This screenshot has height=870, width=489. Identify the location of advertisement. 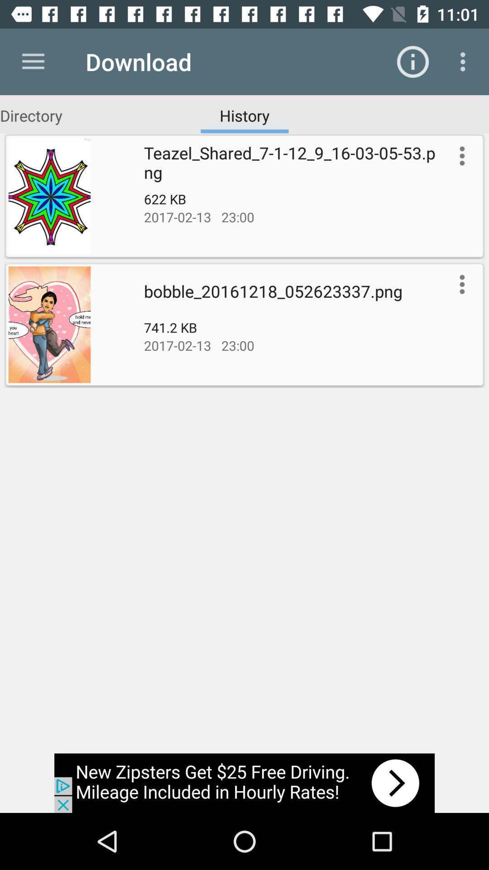
(244, 783).